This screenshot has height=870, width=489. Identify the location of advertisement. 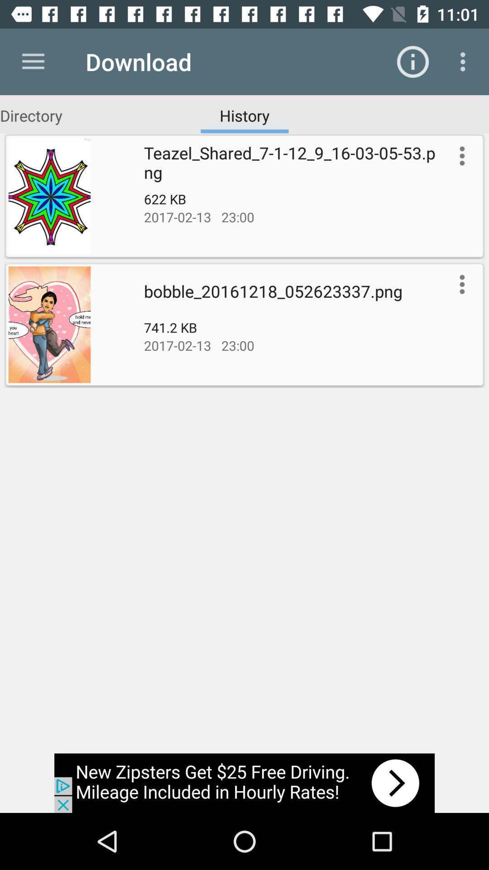
(244, 783).